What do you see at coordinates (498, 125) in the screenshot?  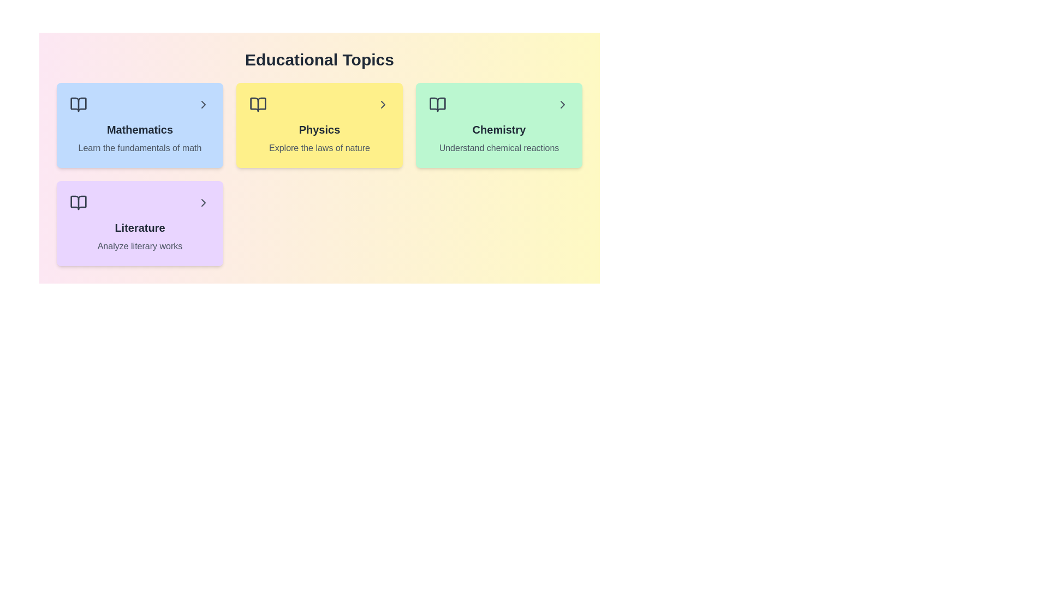 I see `the topic card for Chemistry to preview its interactive effect` at bounding box center [498, 125].